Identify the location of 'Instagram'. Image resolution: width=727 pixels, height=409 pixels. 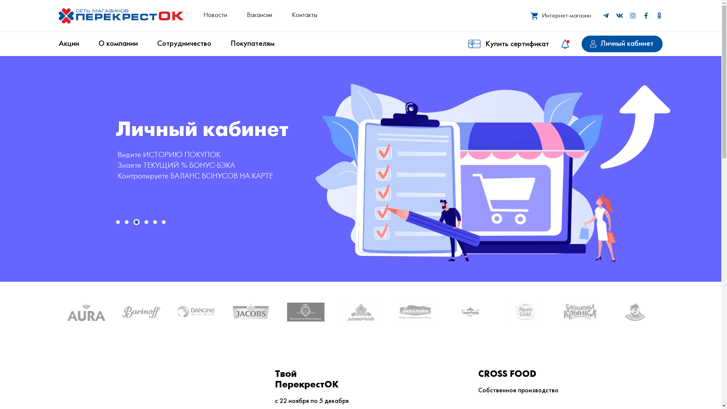
(632, 16).